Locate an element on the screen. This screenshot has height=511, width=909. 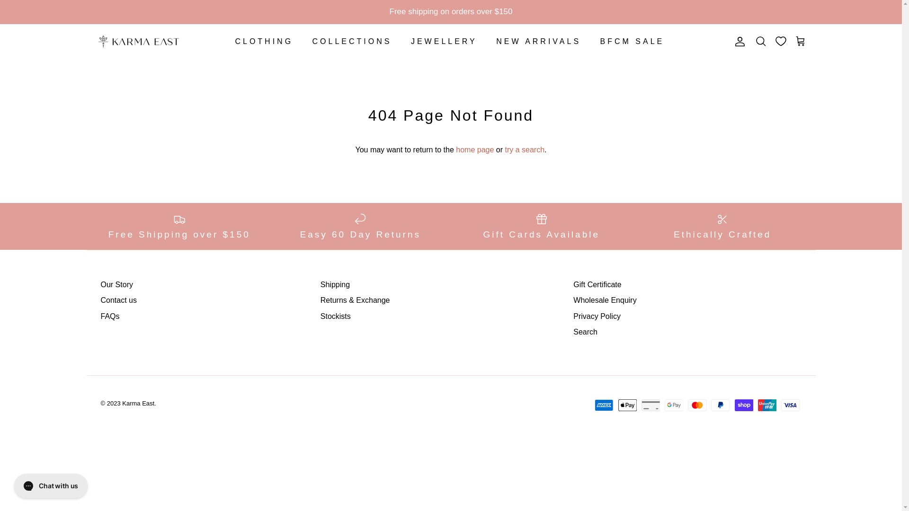
'Cart' is located at coordinates (800, 41).